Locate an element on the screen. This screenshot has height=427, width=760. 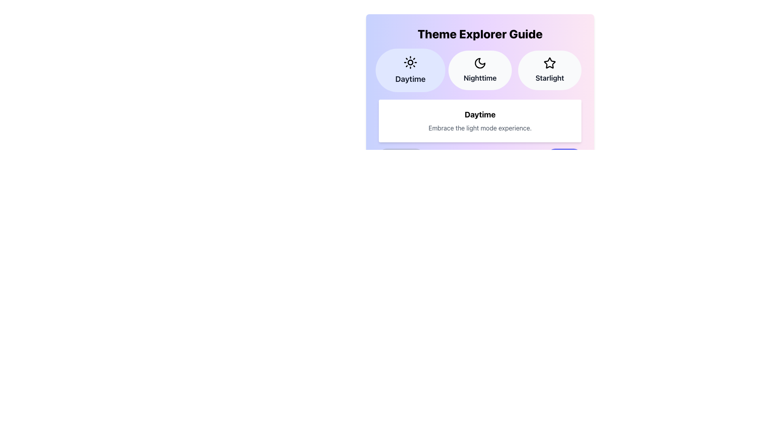
the star icon representing the 'Starlight' theme, which is the third icon in a row of three theme icons is located at coordinates (549, 62).